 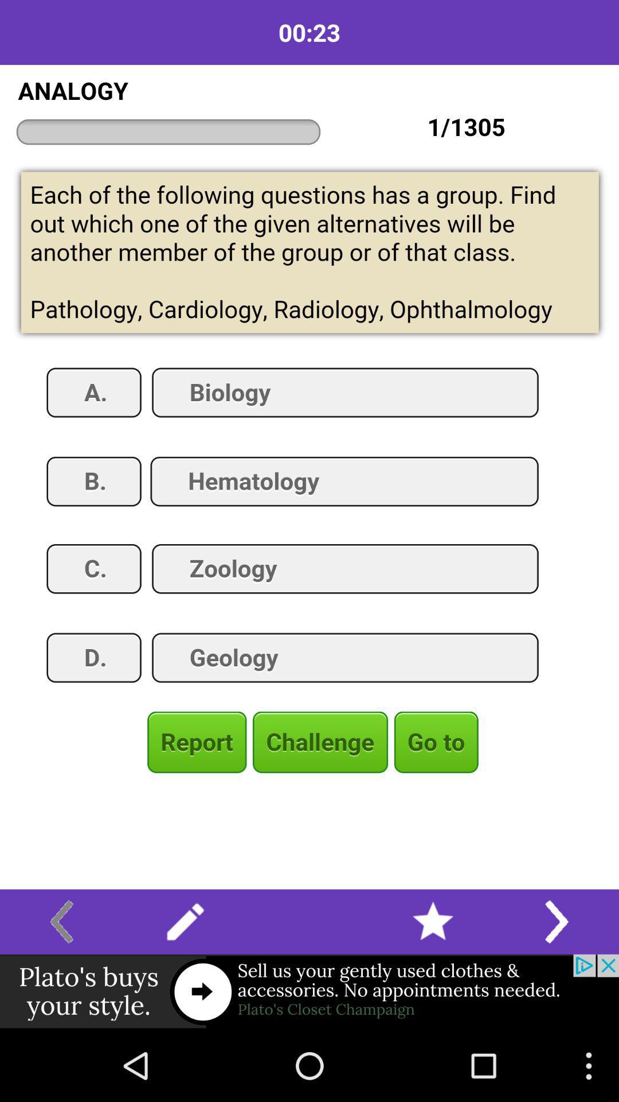 What do you see at coordinates (61, 922) in the screenshot?
I see `previous botton` at bounding box center [61, 922].